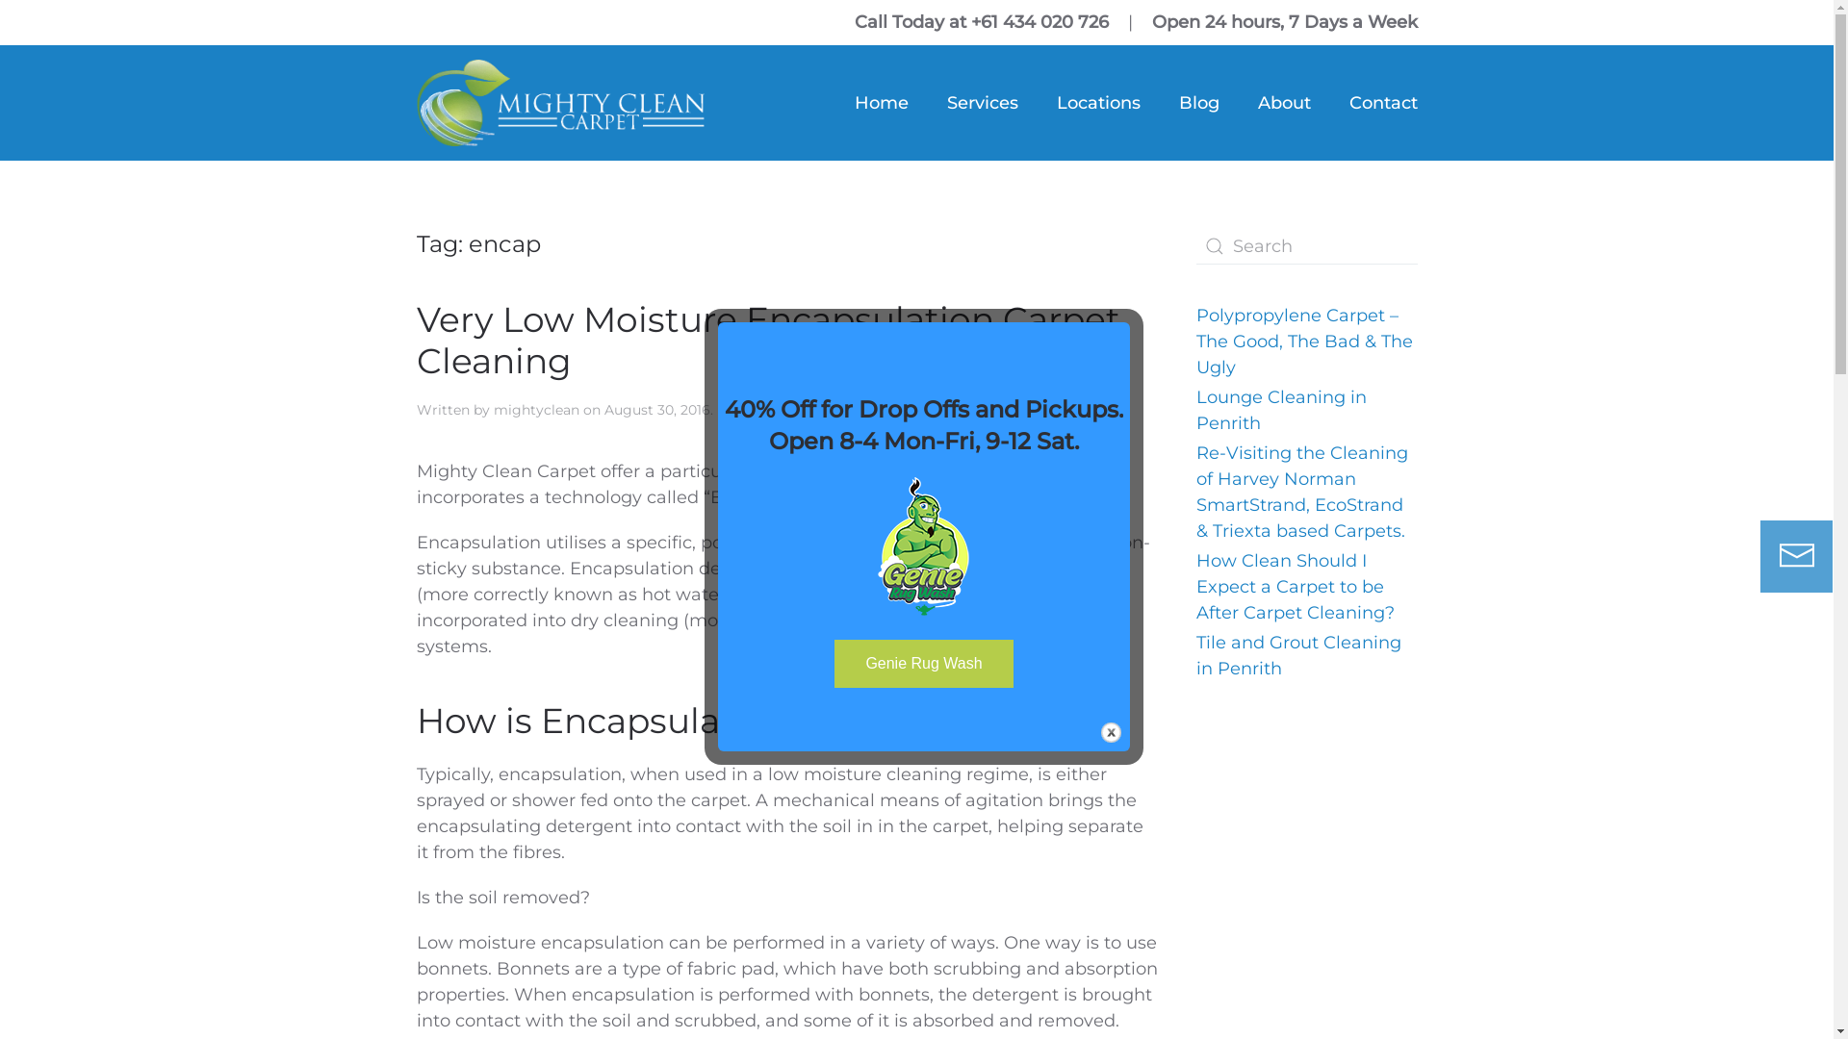 The image size is (1848, 1039). I want to click on '+61 434 020 726', so click(1038, 22).